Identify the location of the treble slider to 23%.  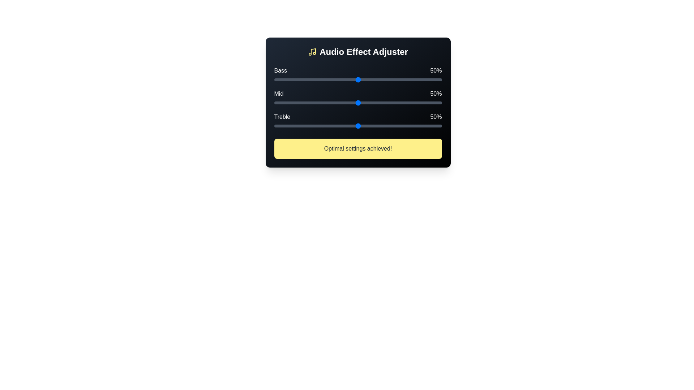
(313, 125).